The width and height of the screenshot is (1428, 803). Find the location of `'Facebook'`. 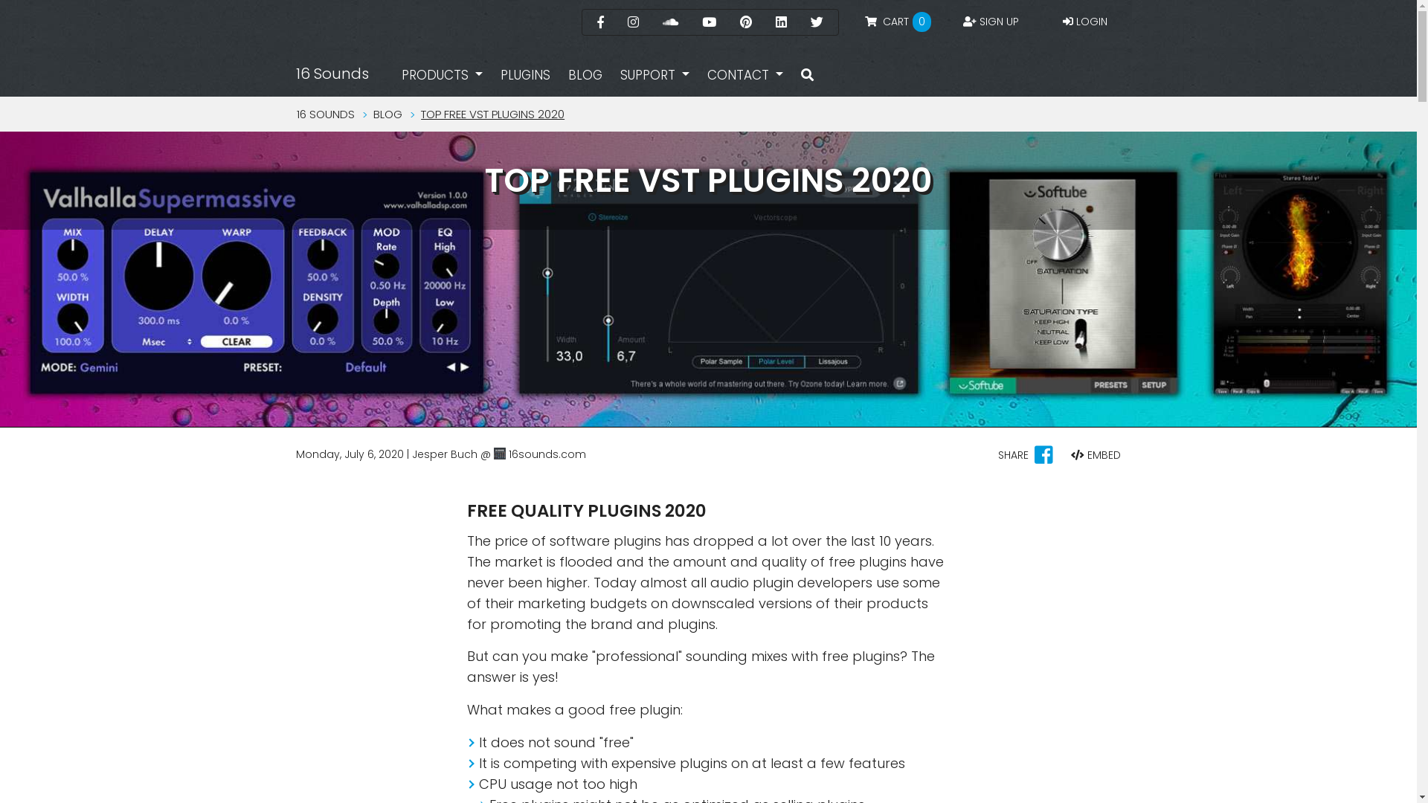

'Facebook' is located at coordinates (599, 22).